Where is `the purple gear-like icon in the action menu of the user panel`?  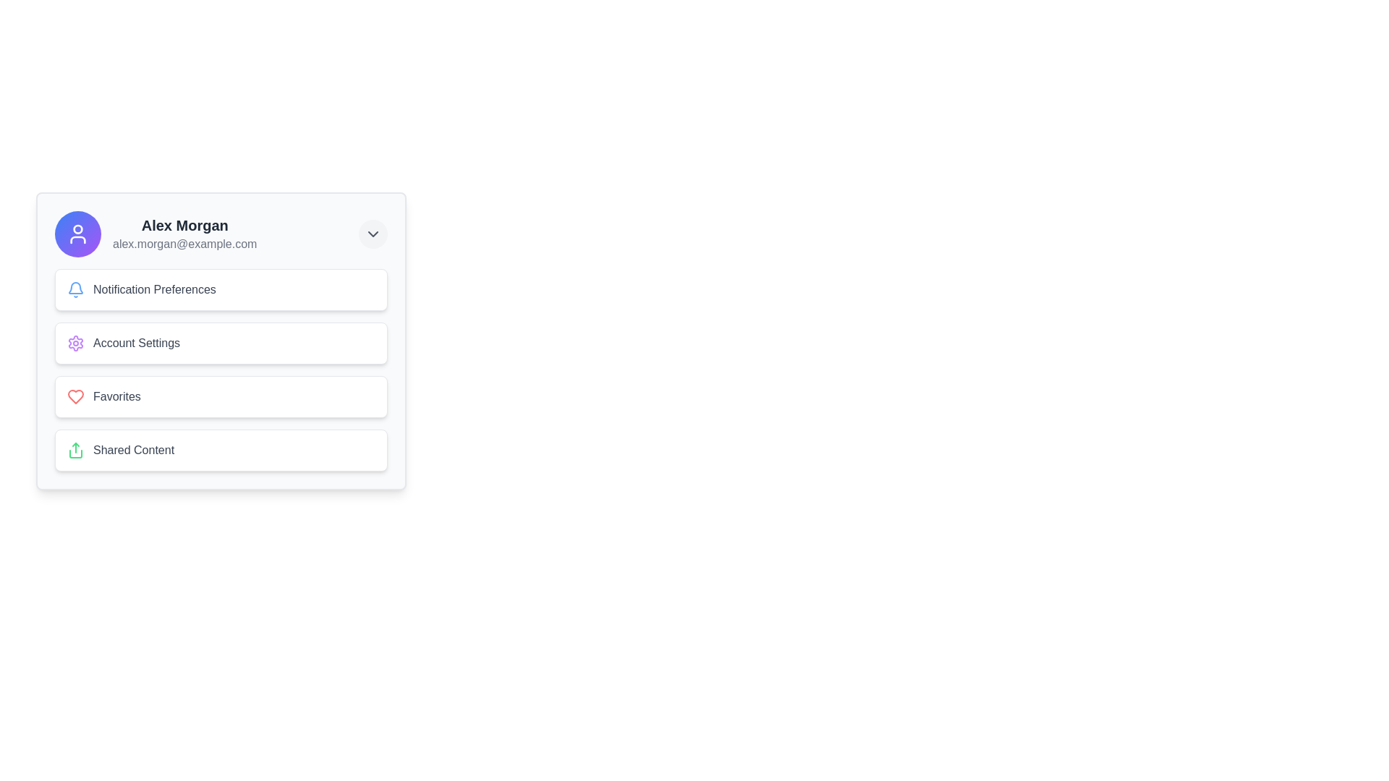 the purple gear-like icon in the action menu of the user panel is located at coordinates (75, 343).